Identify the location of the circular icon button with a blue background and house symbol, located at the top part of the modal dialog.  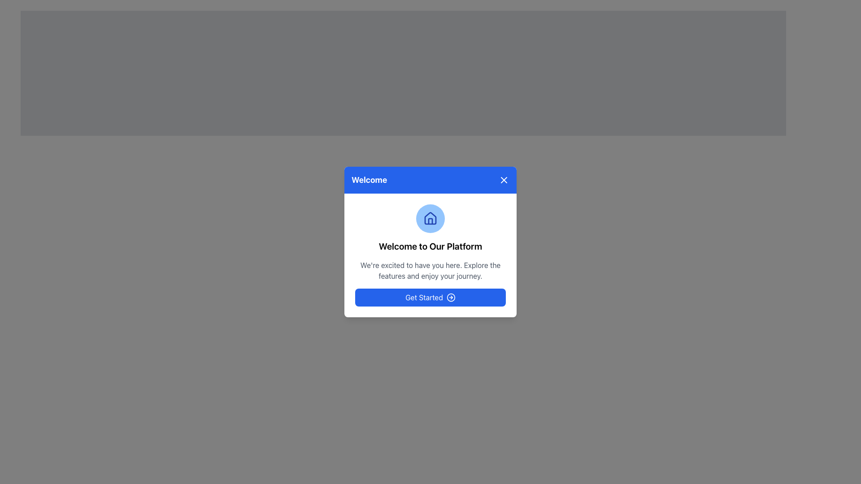
(430, 219).